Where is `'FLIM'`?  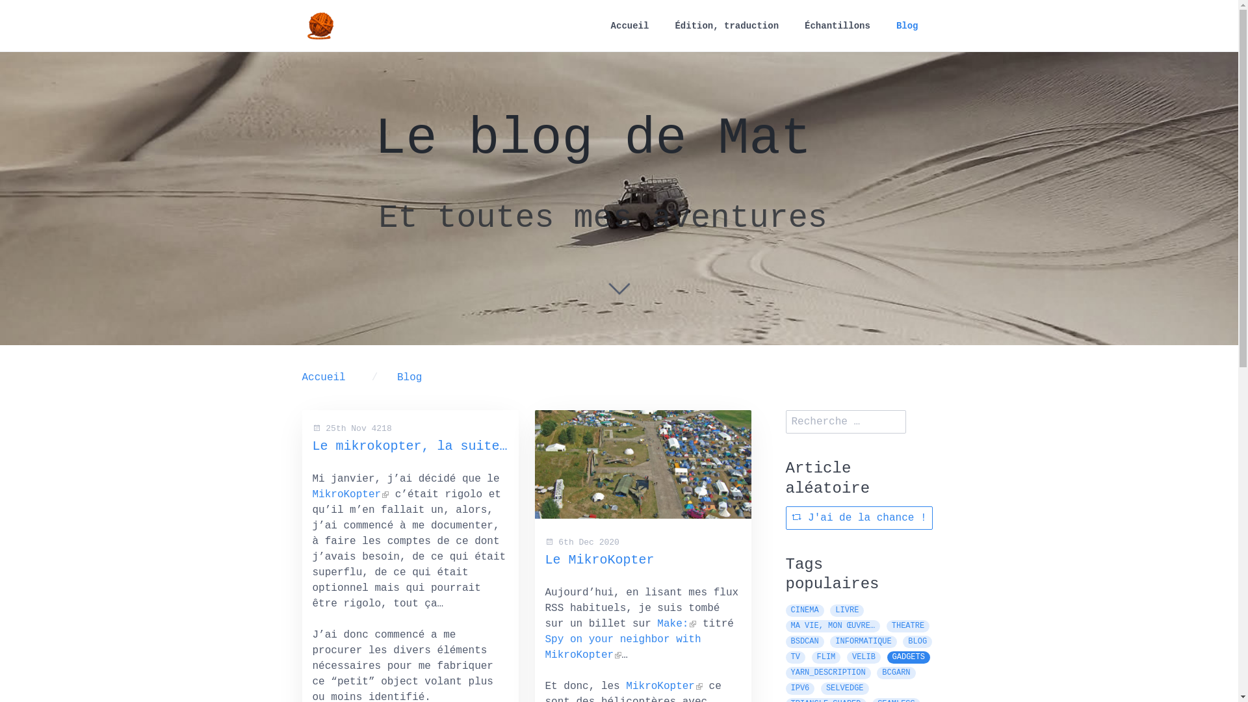
'FLIM' is located at coordinates (825, 657).